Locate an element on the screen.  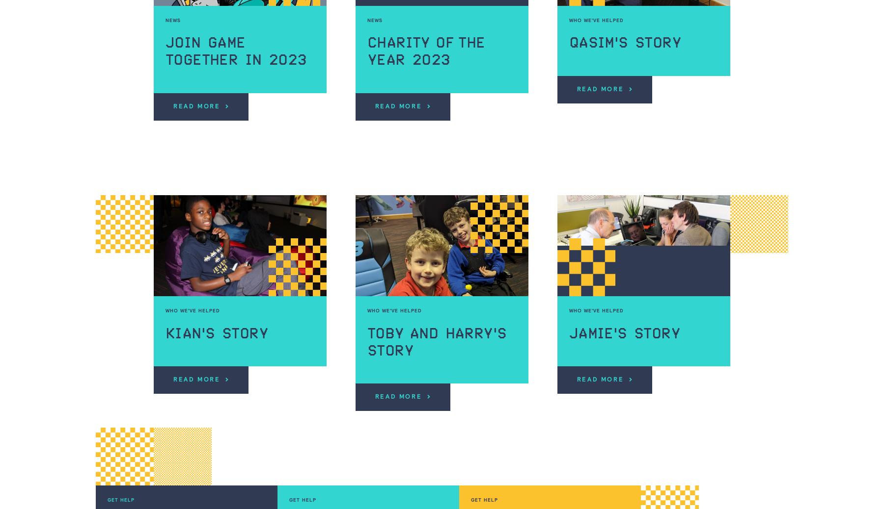
'Jamie's story' is located at coordinates (624, 333).